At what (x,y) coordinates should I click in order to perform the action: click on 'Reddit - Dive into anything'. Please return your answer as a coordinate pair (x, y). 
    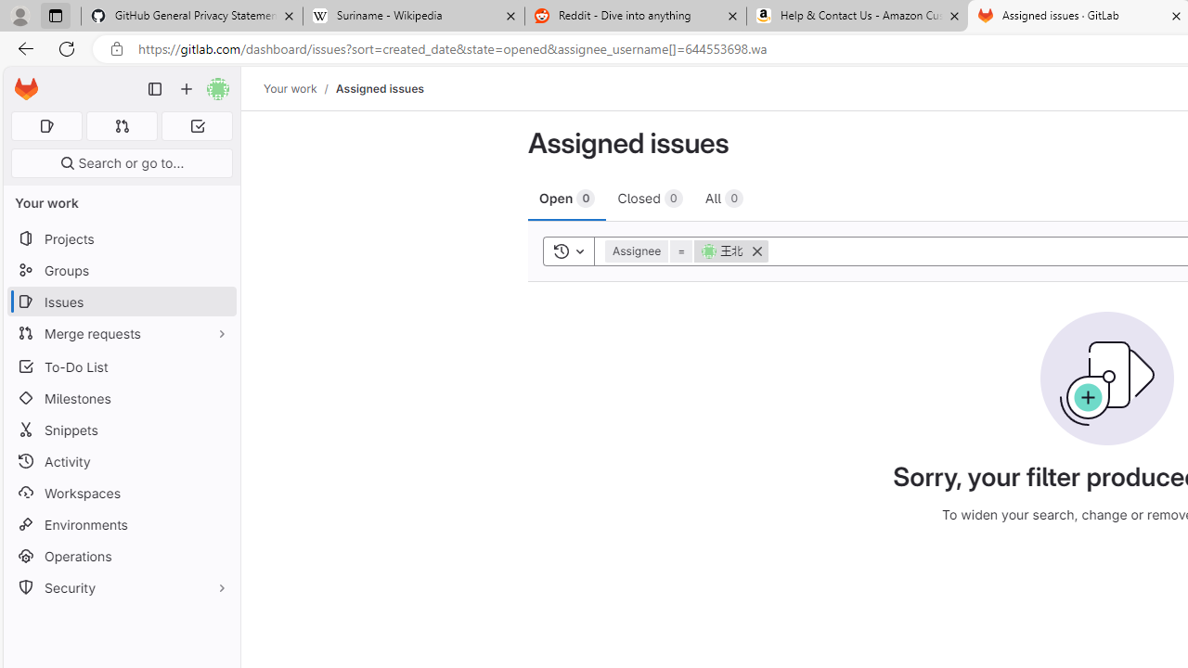
    Looking at the image, I should click on (635, 16).